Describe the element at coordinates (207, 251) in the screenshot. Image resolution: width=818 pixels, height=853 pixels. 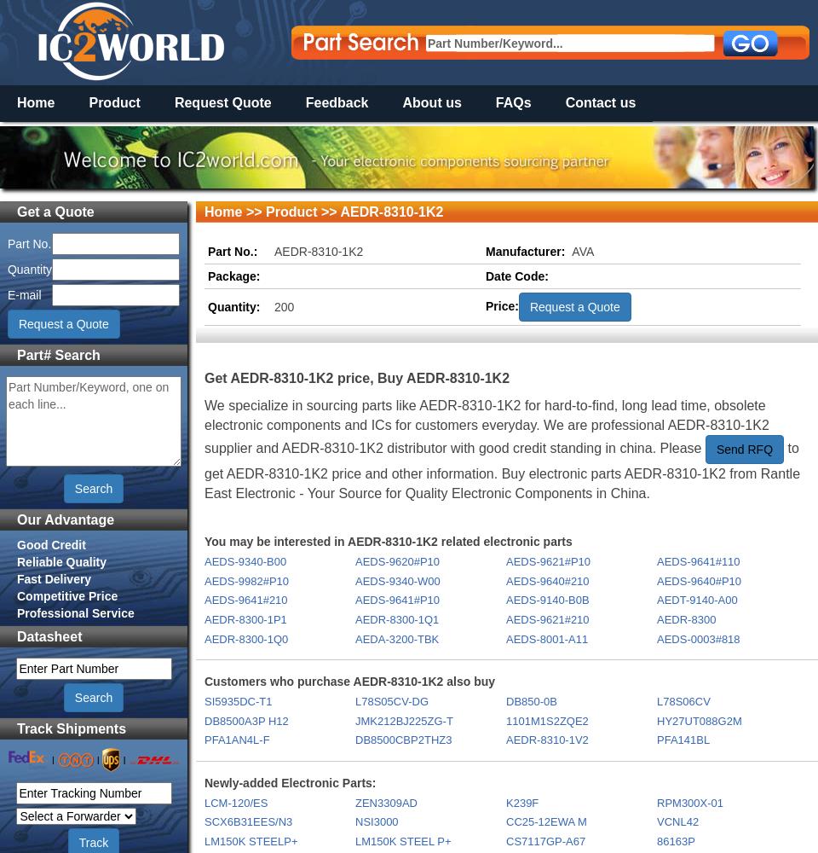
I see `'Part No.:'` at that location.